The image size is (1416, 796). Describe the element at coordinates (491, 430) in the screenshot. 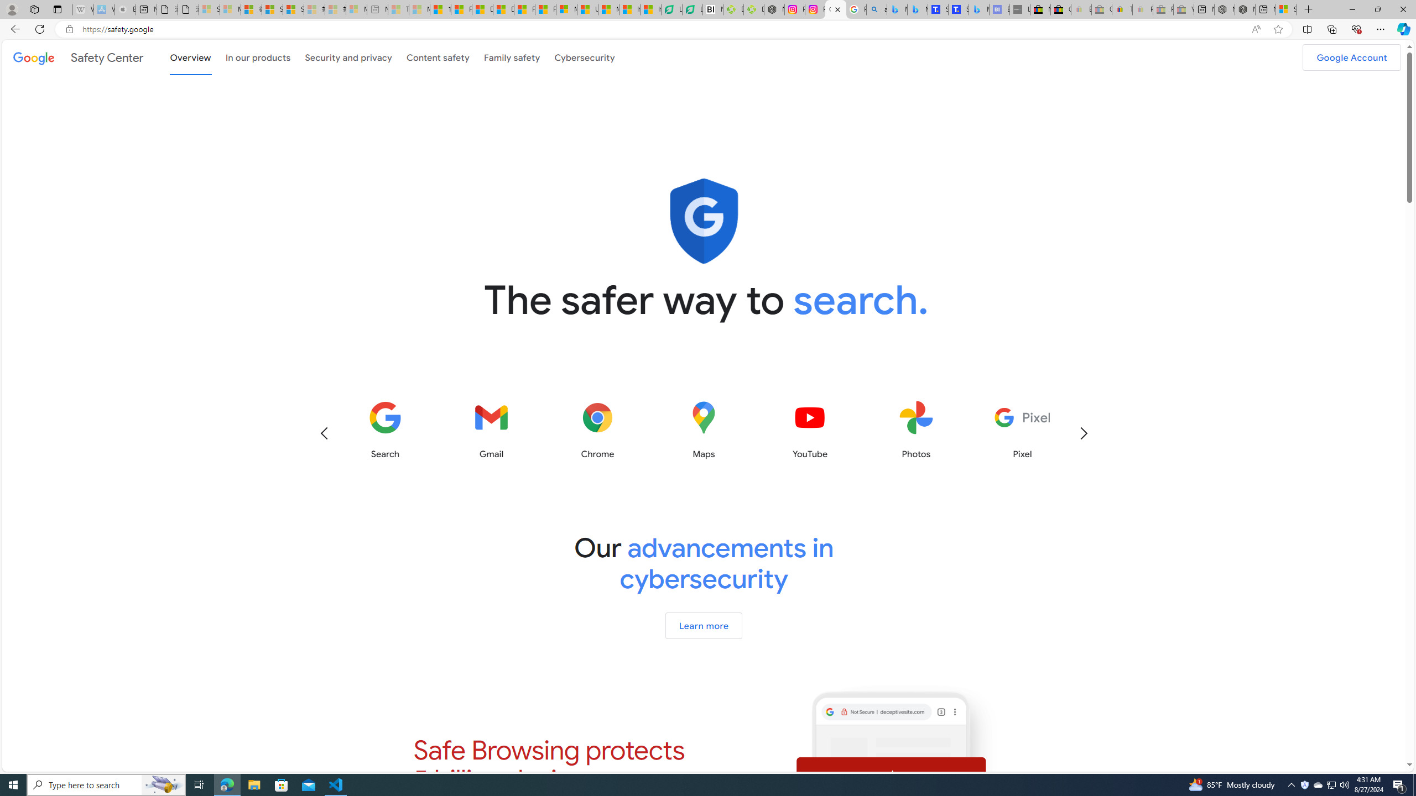

I see `'Gmail'` at that location.